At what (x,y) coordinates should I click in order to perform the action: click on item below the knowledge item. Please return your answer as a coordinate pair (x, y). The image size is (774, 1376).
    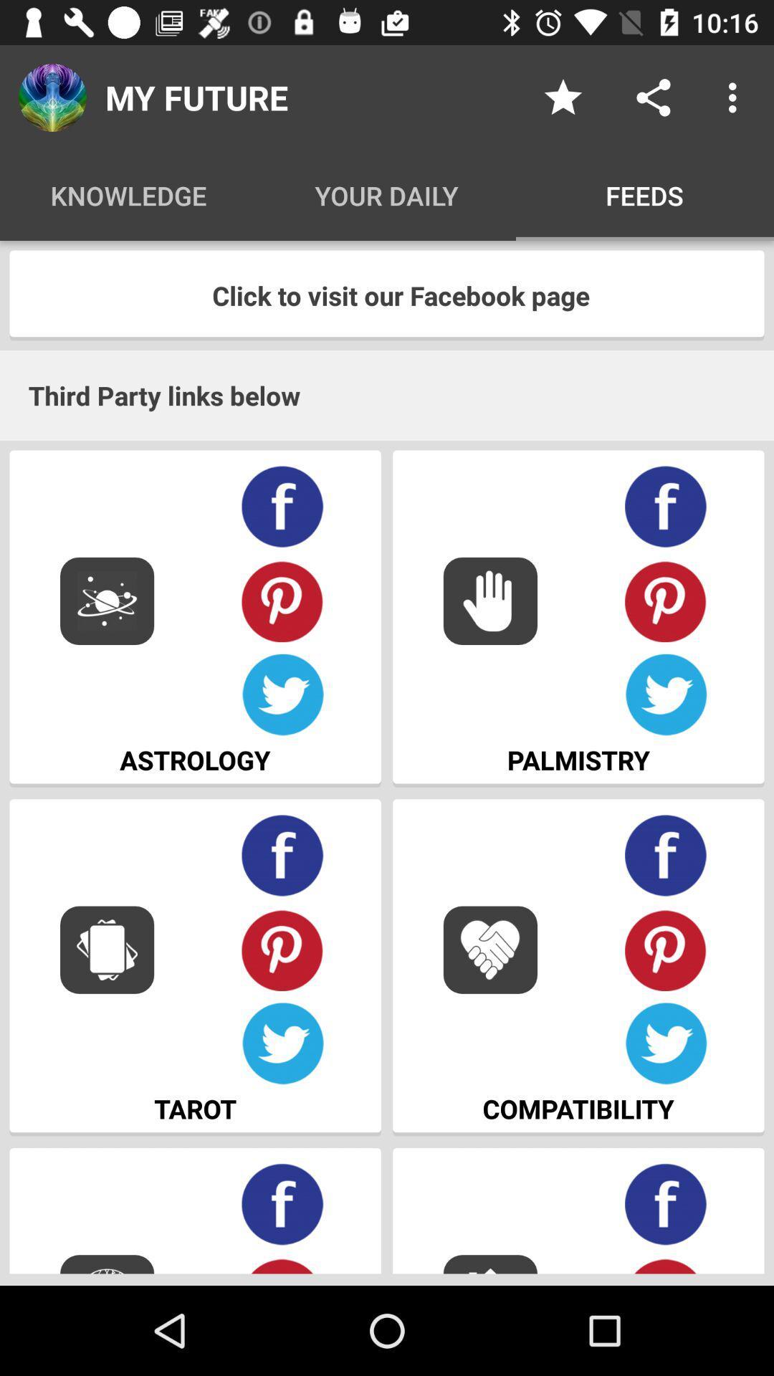
    Looking at the image, I should click on (387, 295).